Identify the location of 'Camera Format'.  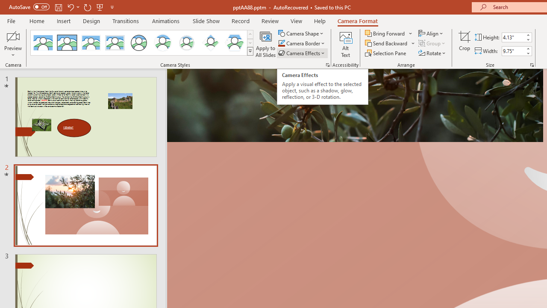
(358, 21).